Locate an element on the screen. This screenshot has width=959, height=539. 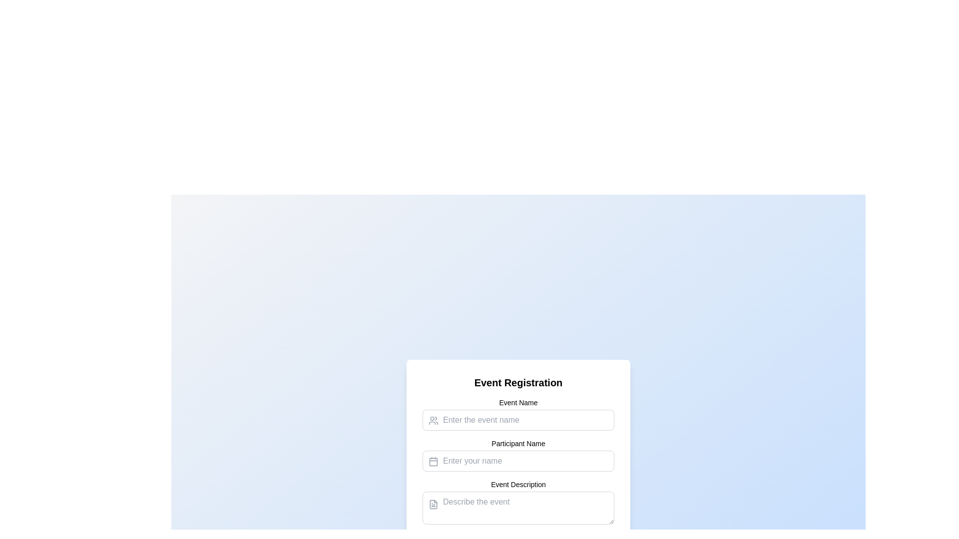
the third input field in the 'Event Registration' form, located directly under the label 'Event Description', to enable text entry is located at coordinates (518, 508).